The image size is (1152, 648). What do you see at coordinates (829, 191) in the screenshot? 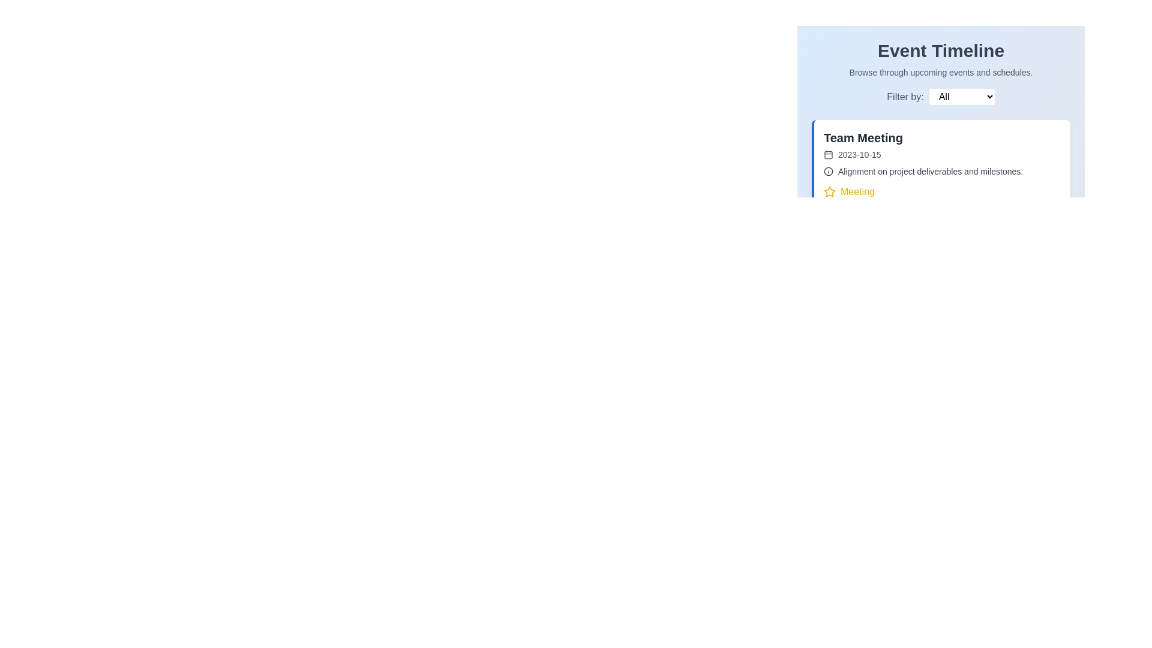
I see `the star icon representing the 'featured' status in the 'Meeting' label section of the event card under the 'Team Meeting' entry` at bounding box center [829, 191].